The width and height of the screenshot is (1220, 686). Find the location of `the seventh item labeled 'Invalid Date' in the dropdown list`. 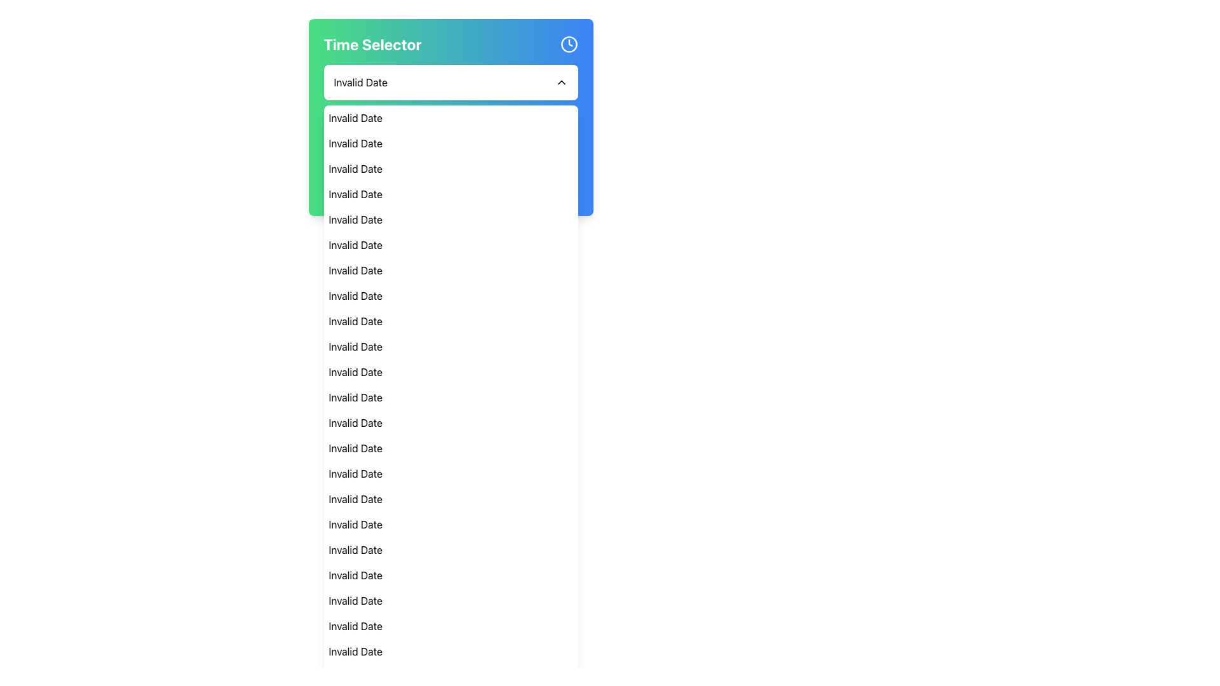

the seventh item labeled 'Invalid Date' in the dropdown list is located at coordinates (451, 269).